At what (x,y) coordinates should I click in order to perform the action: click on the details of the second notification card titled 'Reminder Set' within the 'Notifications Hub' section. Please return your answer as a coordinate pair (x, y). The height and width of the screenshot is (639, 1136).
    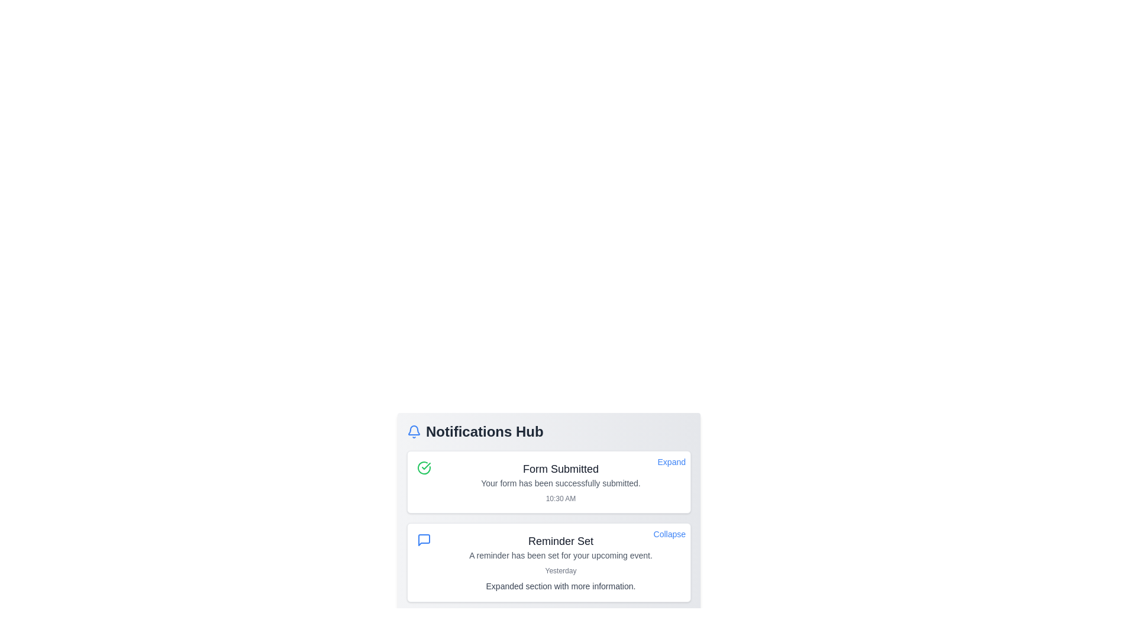
    Looking at the image, I should click on (548, 526).